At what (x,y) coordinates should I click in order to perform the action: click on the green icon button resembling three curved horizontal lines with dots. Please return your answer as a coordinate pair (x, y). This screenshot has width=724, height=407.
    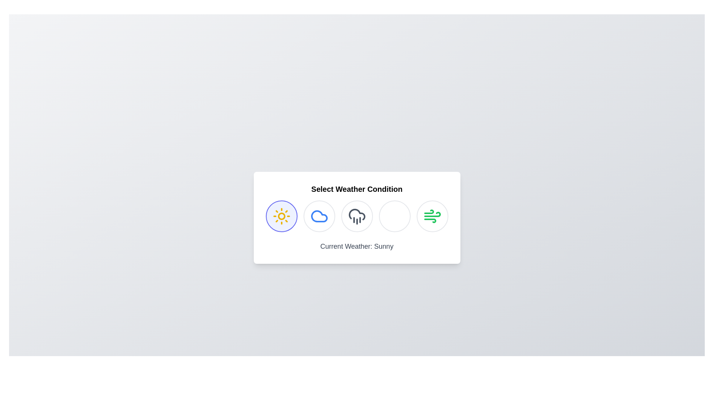
    Looking at the image, I should click on (432, 216).